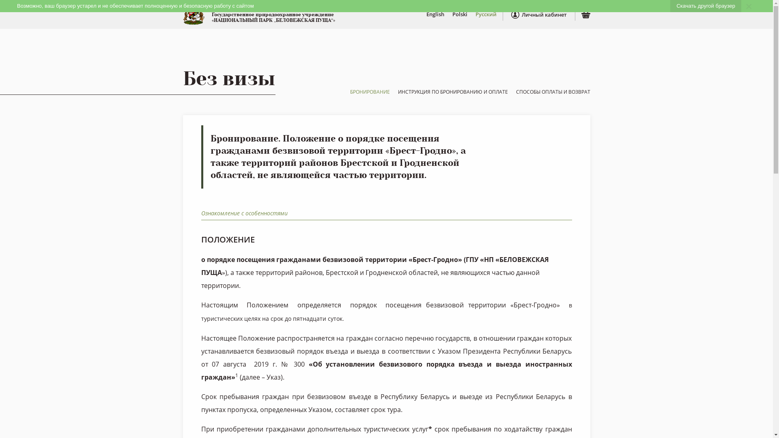 This screenshot has height=438, width=779. What do you see at coordinates (459, 14) in the screenshot?
I see `'Polski'` at bounding box center [459, 14].